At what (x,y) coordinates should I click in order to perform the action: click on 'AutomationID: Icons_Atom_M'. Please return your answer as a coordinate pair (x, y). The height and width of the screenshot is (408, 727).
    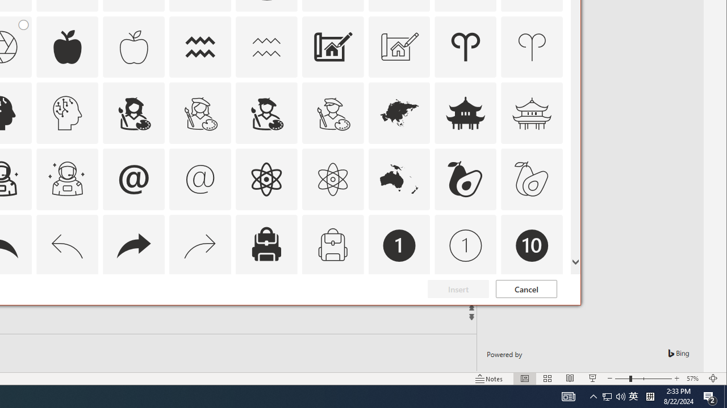
    Looking at the image, I should click on (332, 178).